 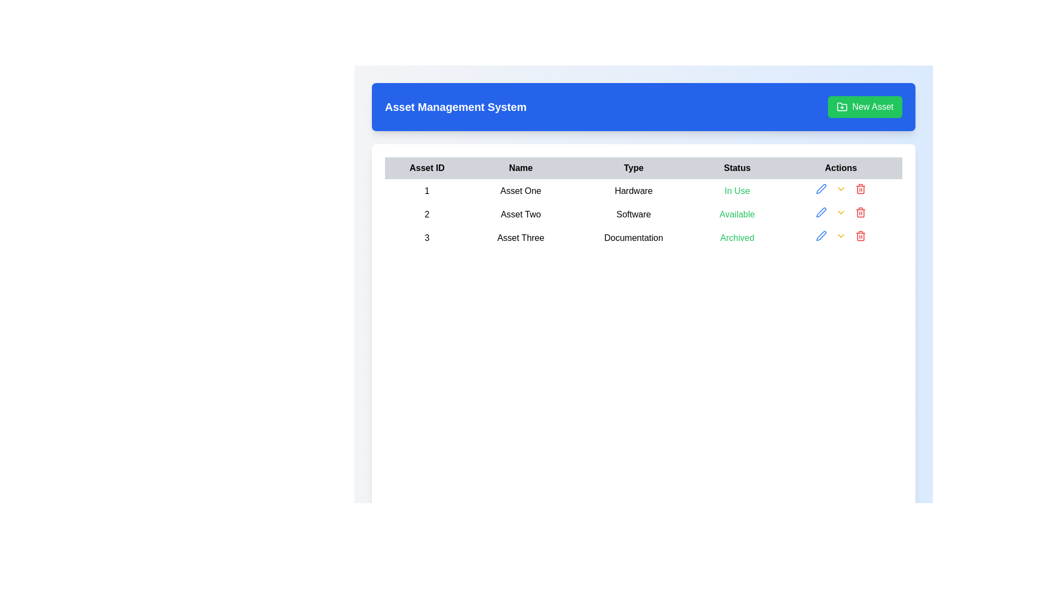 What do you see at coordinates (633, 168) in the screenshot?
I see `the text label displaying 'Type', which is the third column header in a table with a gray background and centered black text` at bounding box center [633, 168].